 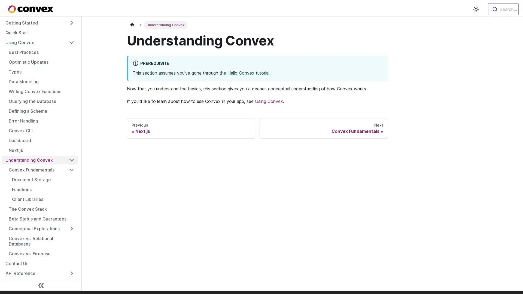 What do you see at coordinates (476, 9) in the screenshot?
I see `Switch between dark and light mode (currently light mode)` at bounding box center [476, 9].